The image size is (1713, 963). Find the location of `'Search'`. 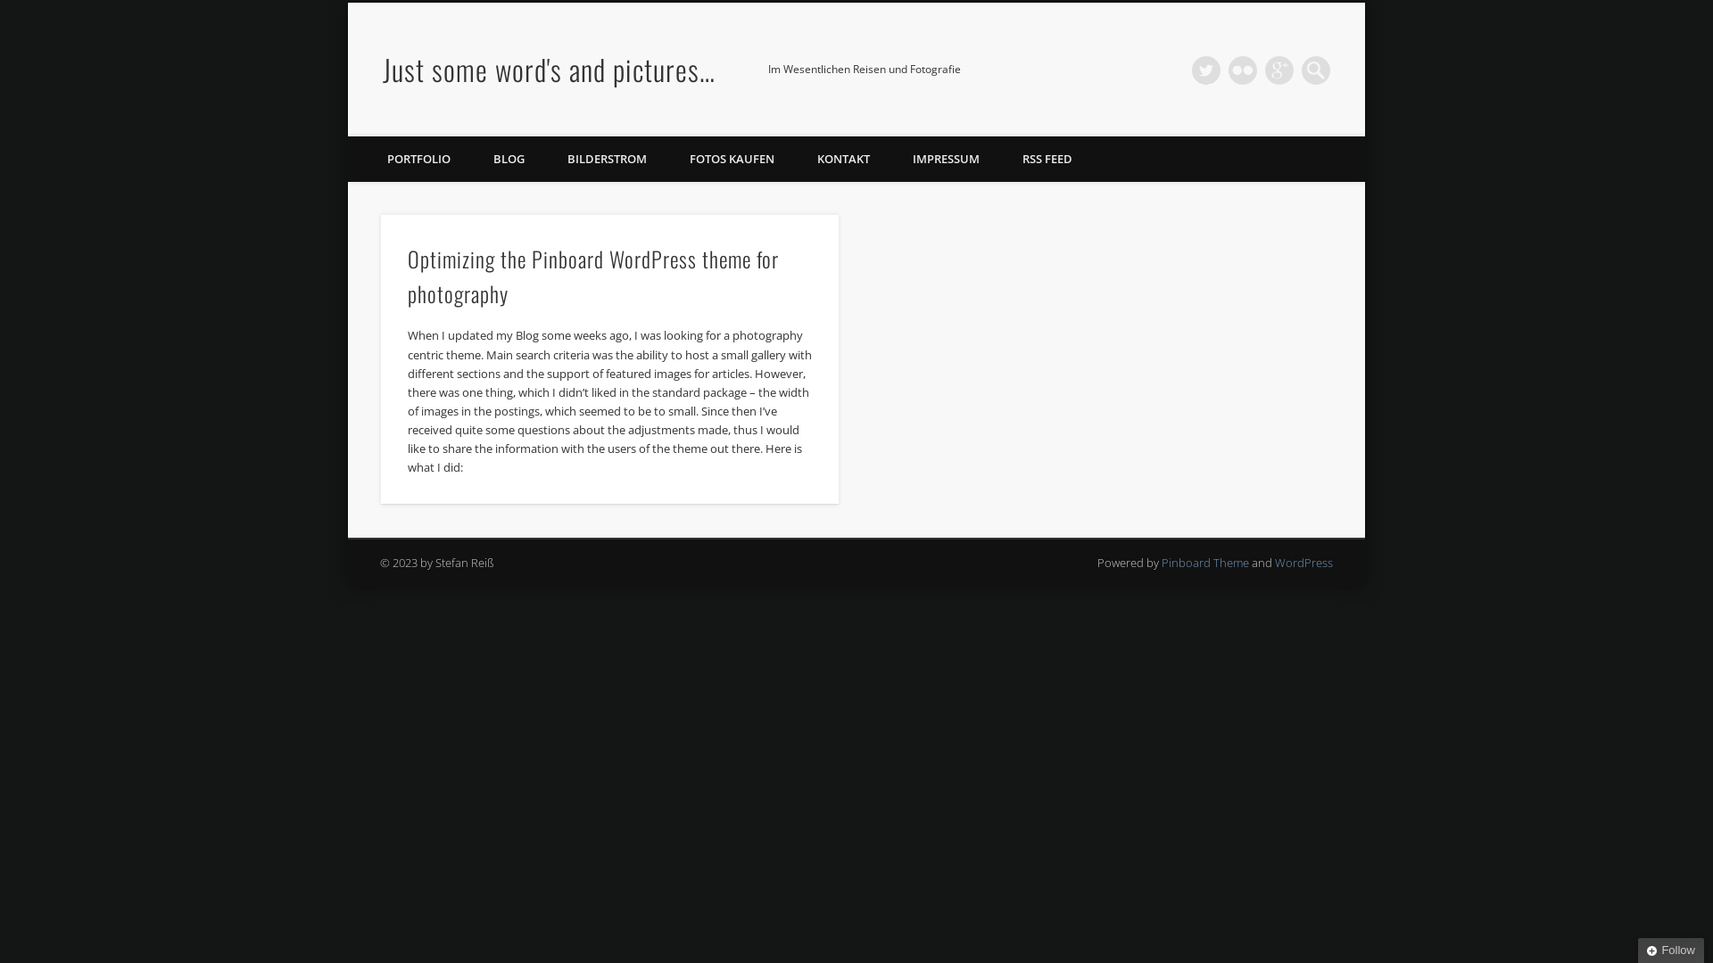

'Search' is located at coordinates (12, 10).